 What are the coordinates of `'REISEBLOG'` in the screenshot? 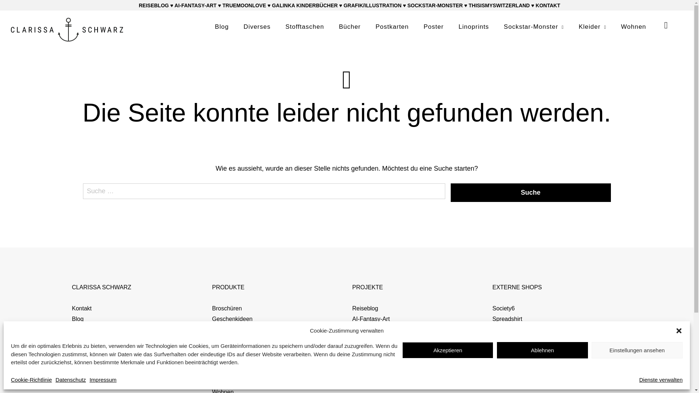 It's located at (138, 5).